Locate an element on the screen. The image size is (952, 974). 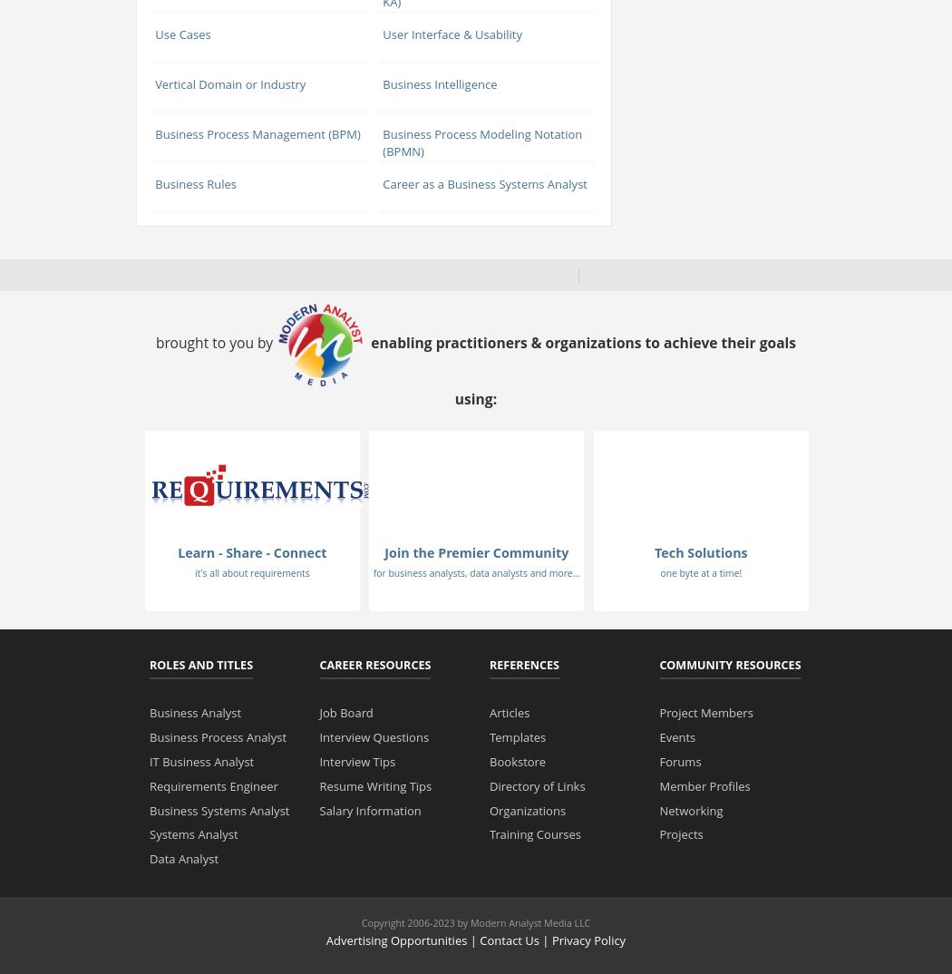
'Systems Analyst' is located at coordinates (192, 833).